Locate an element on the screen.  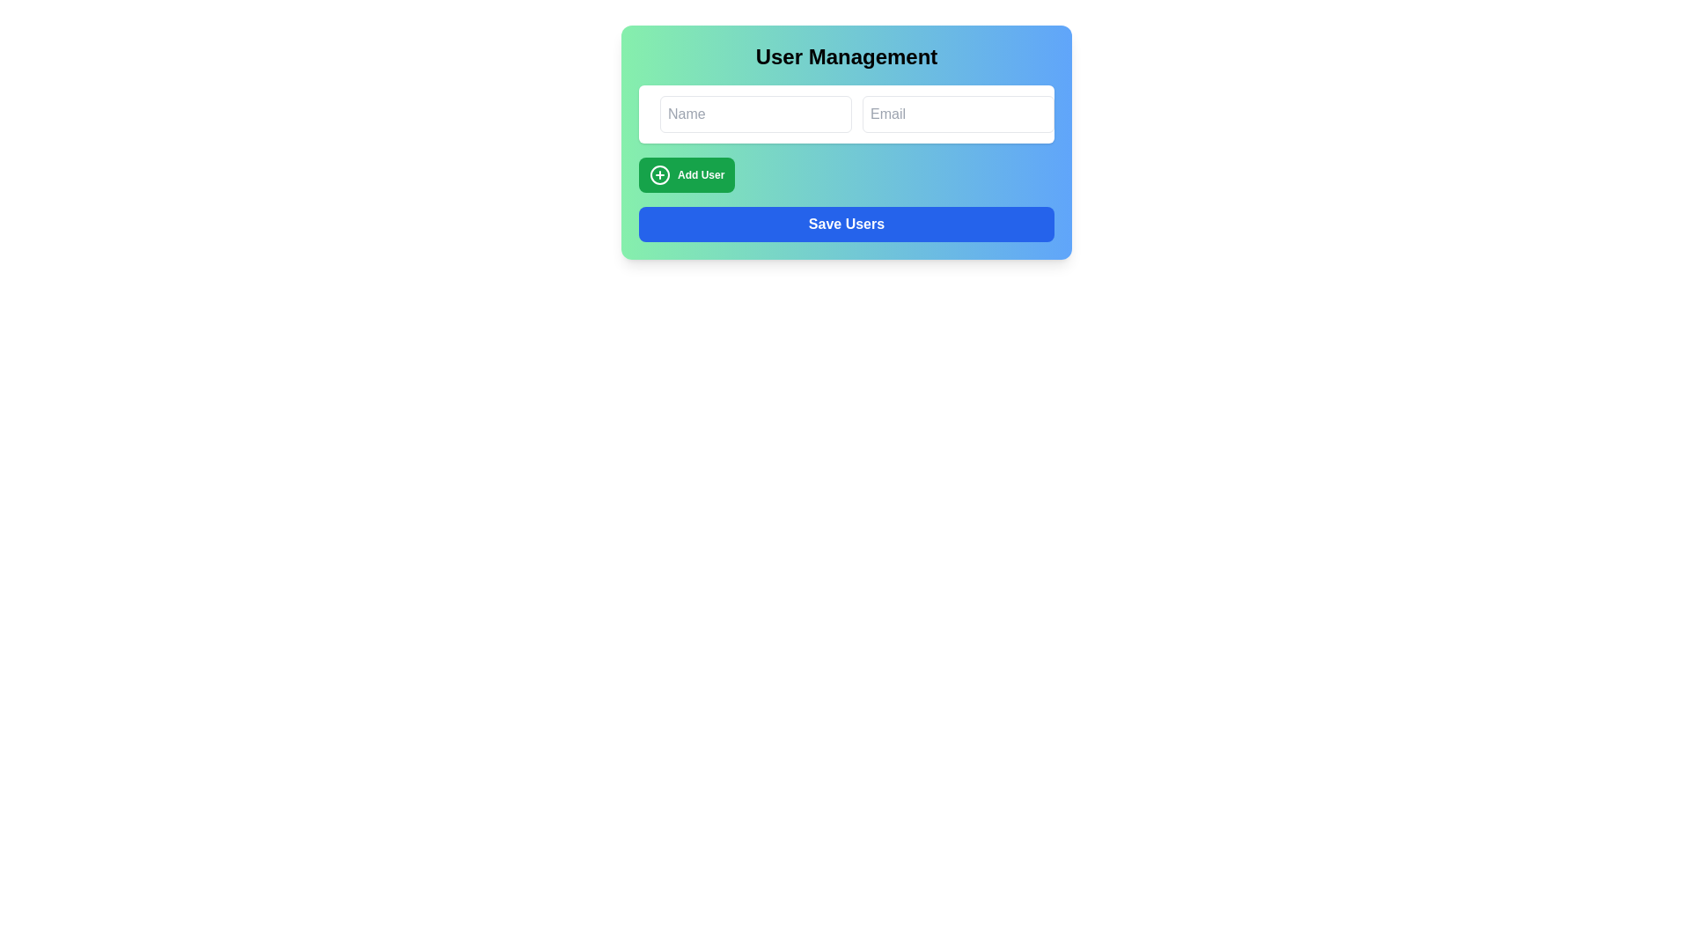
the 'Add User' button with a green background and white text, located in the User Management section below the 'Name' and 'Email' input fields is located at coordinates (686, 175).